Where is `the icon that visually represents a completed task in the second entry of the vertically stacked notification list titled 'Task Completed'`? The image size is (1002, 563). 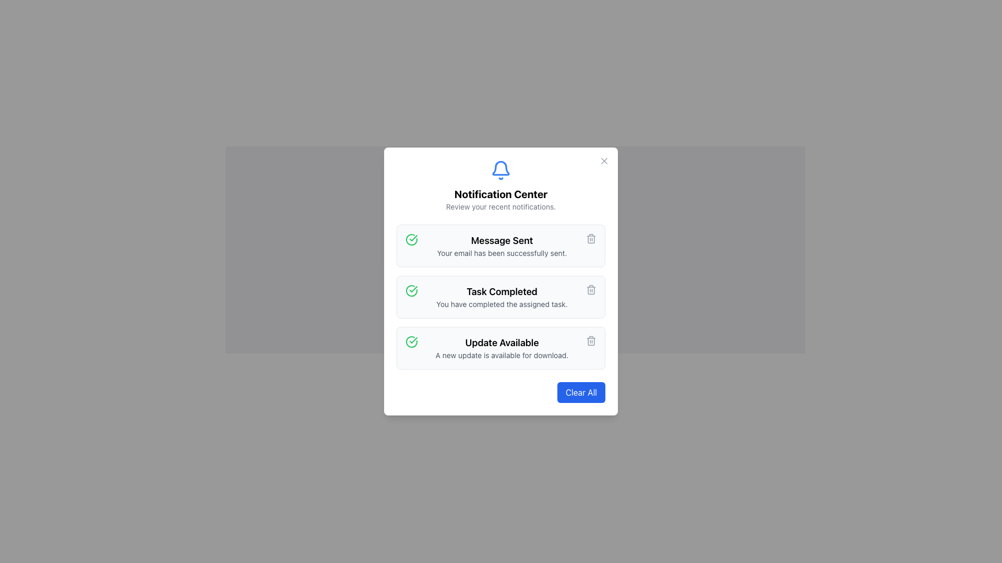 the icon that visually represents a completed task in the second entry of the vertically stacked notification list titled 'Task Completed' is located at coordinates (413, 340).